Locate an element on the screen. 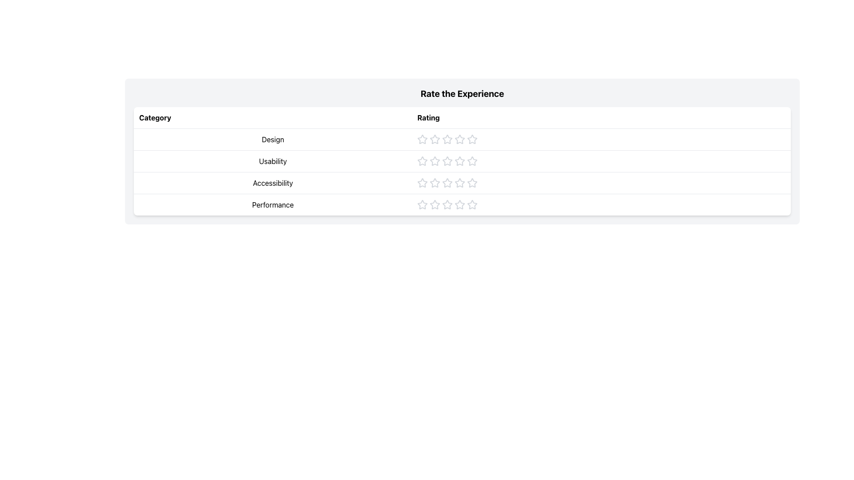 Image resolution: width=854 pixels, height=480 pixels. the first star icon in the 'Design' rating section to trigger interaction effects is located at coordinates (422, 139).